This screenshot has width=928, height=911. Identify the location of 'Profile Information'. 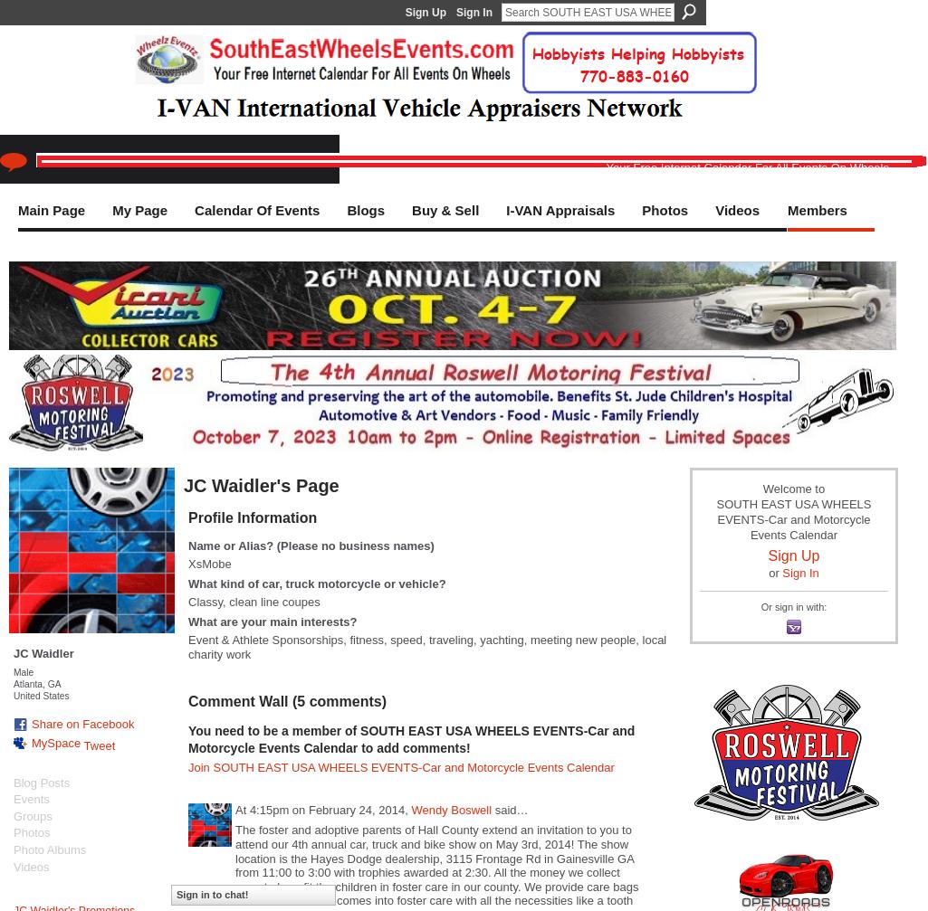
(252, 516).